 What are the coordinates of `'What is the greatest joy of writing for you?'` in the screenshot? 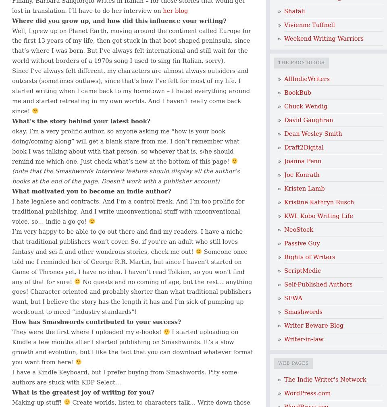 It's located at (83, 392).